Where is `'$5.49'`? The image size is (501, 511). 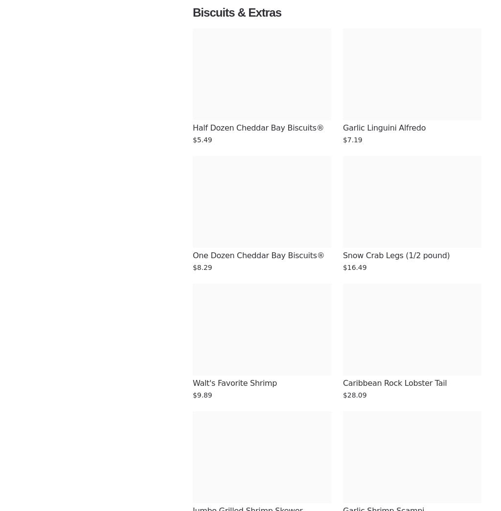 '$5.49' is located at coordinates (202, 139).